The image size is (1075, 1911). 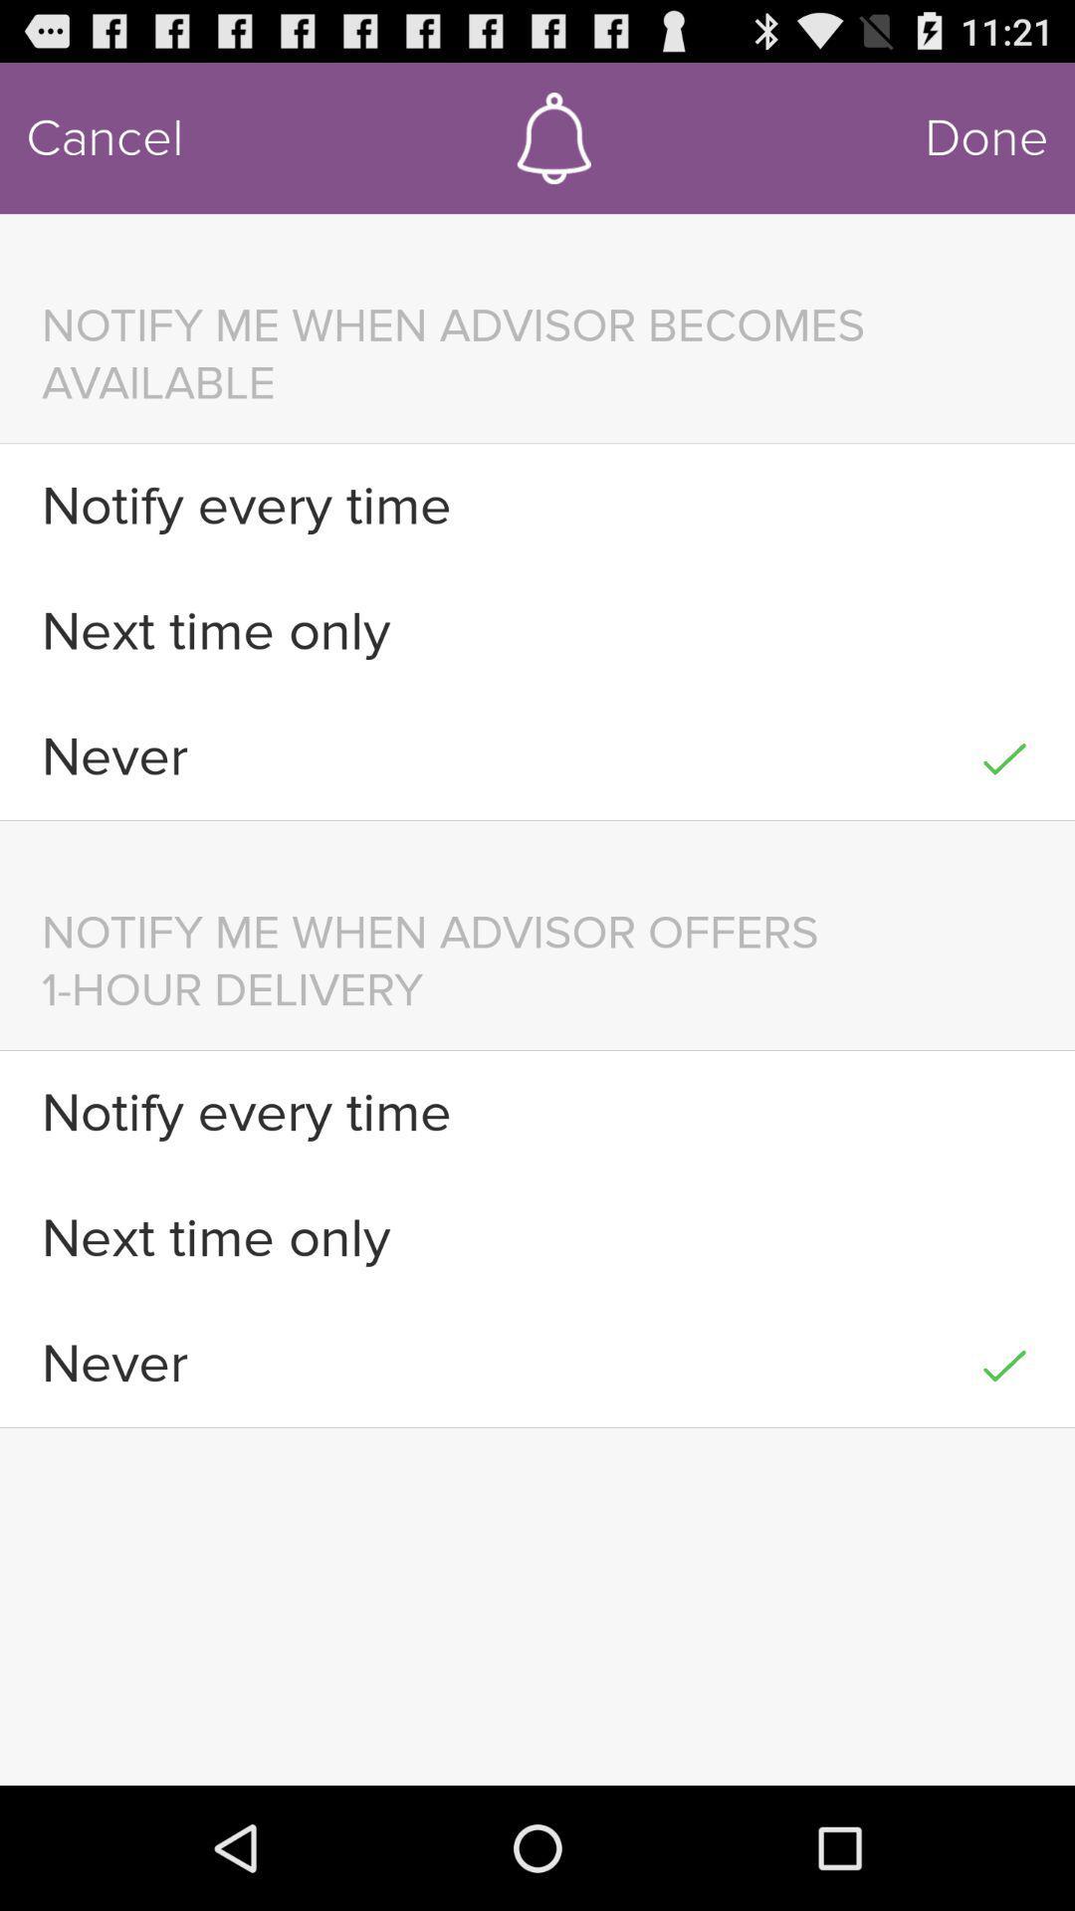 I want to click on cancel, so click(x=105, y=137).